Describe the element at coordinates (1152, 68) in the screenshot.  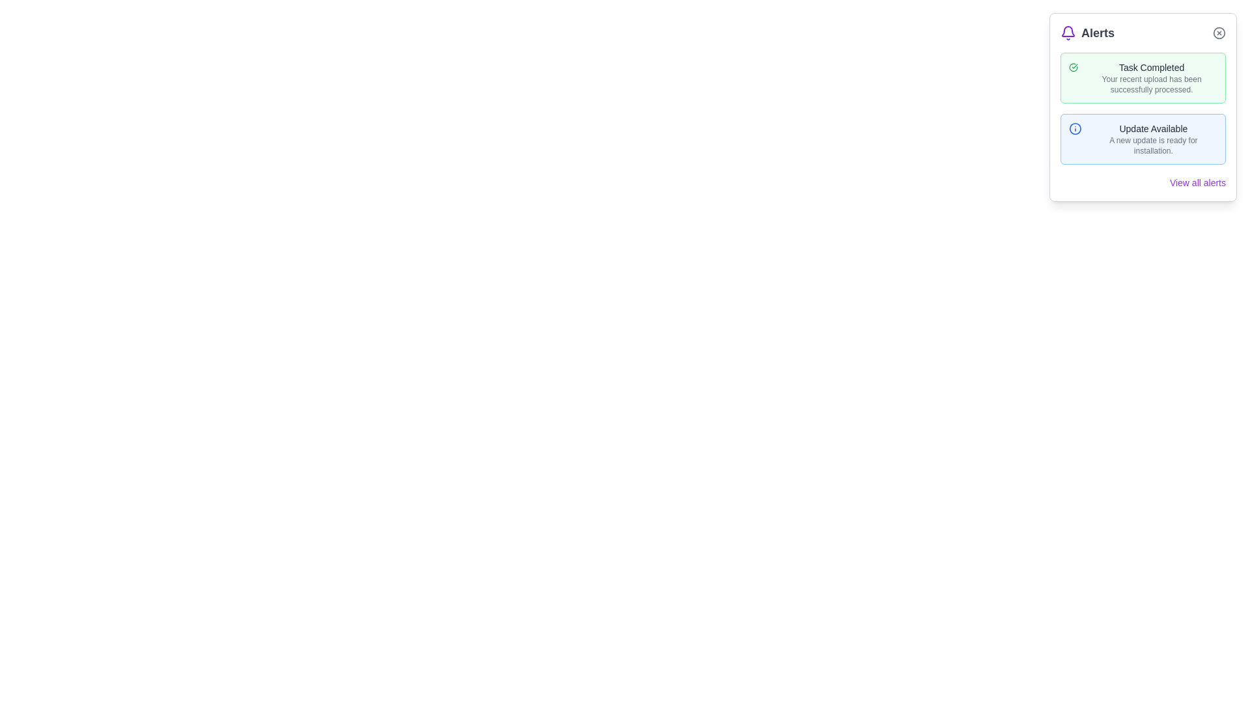
I see `the Text Label that serves as the title for the notification, indicating the success of a task, located at the top-left corner of the notification card in the alerts sidebar` at that location.